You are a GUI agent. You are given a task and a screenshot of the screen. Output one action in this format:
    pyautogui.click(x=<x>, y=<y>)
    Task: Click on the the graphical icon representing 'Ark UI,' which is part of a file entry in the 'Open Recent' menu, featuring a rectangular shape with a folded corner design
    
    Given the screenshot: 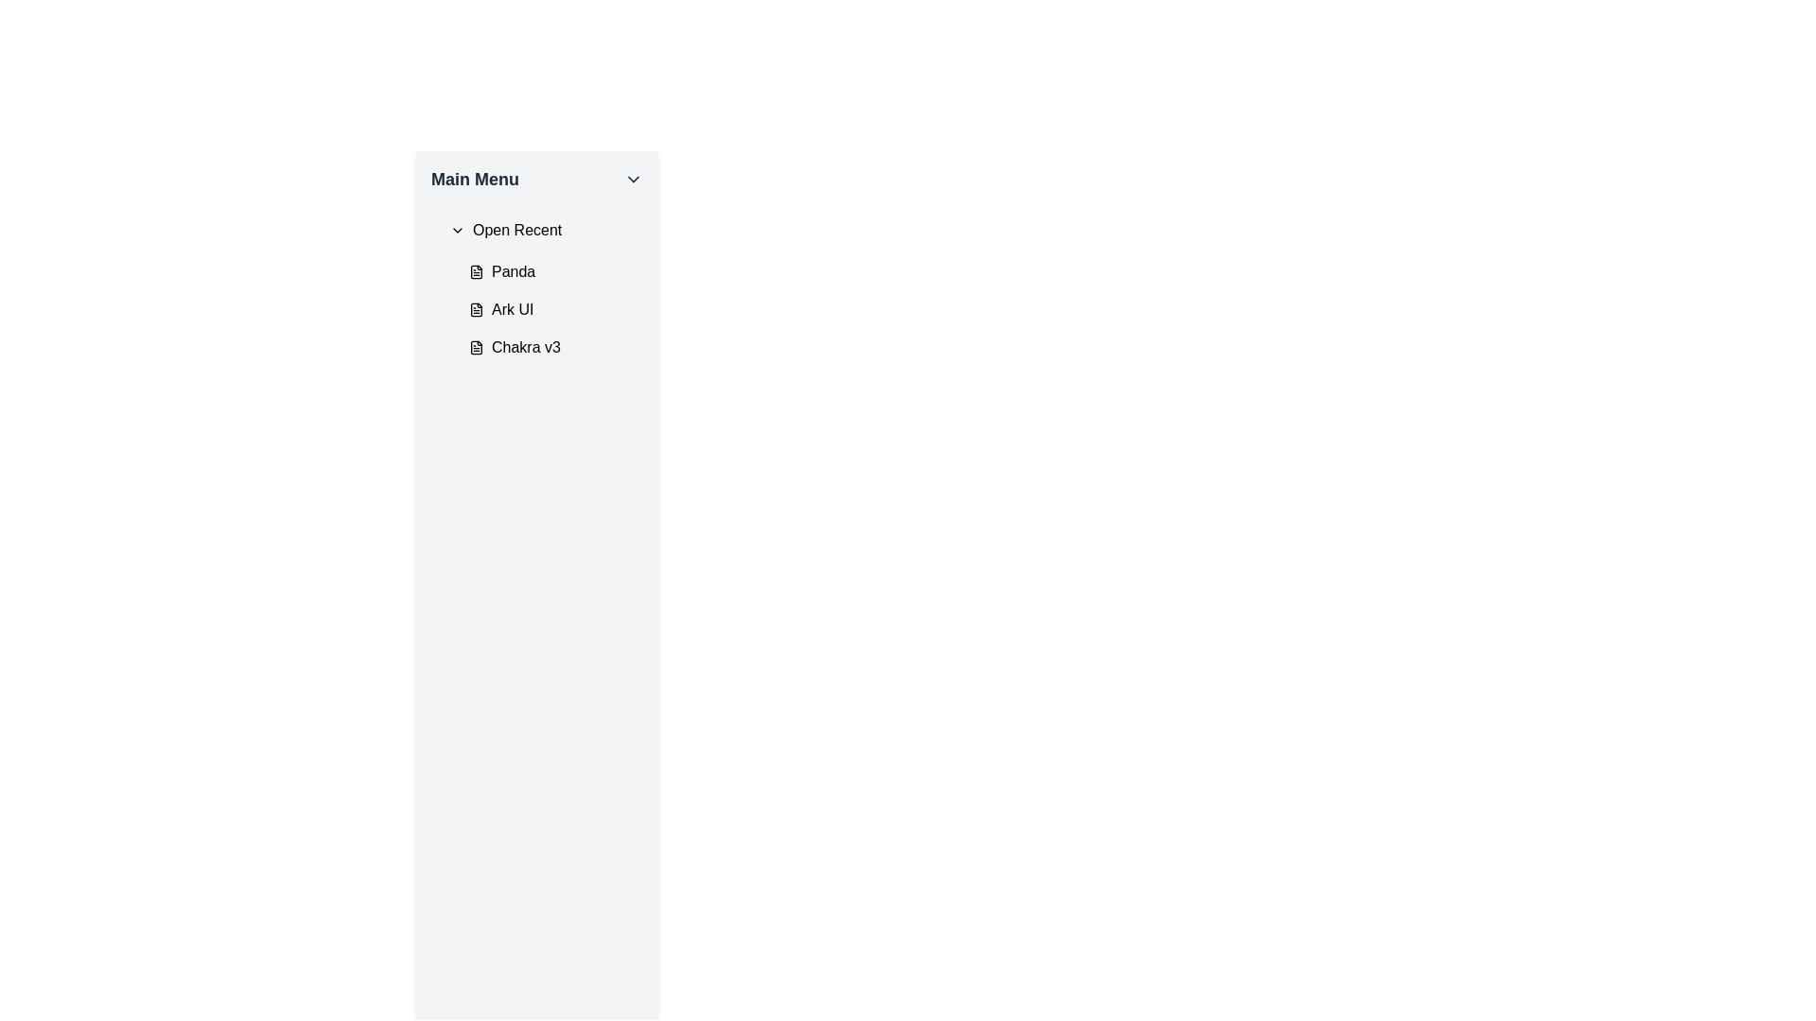 What is the action you would take?
    pyautogui.click(x=477, y=308)
    